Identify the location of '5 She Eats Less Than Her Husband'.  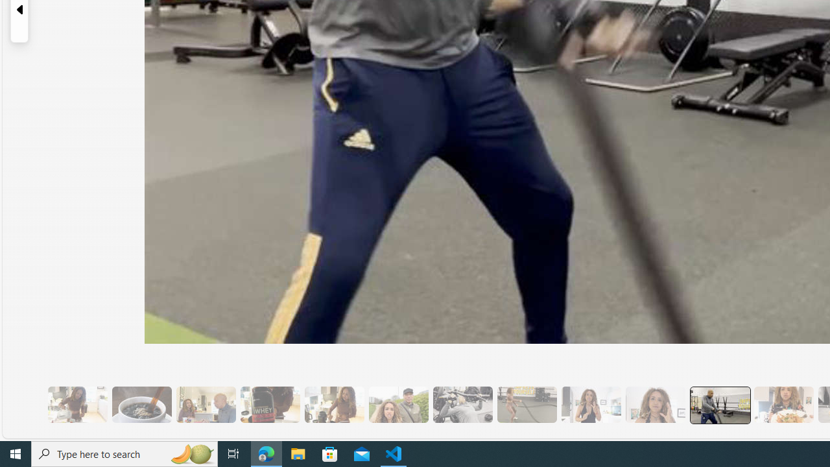
(205, 404).